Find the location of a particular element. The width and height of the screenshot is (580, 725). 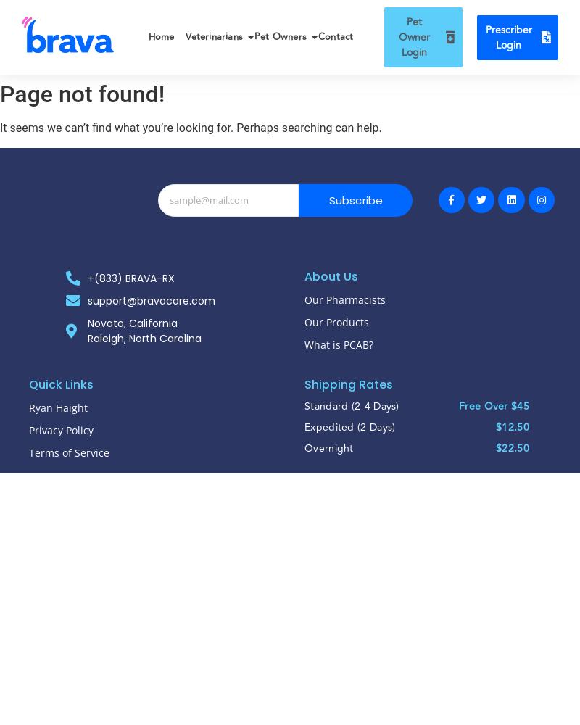

'What is PCAB?' is located at coordinates (339, 343).